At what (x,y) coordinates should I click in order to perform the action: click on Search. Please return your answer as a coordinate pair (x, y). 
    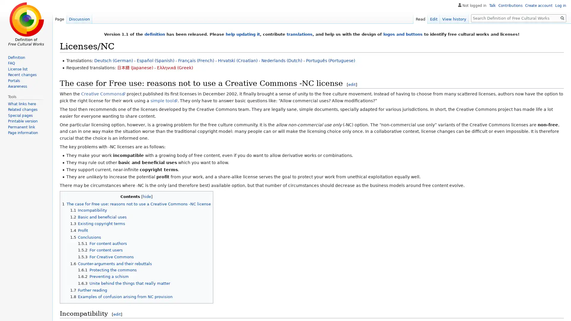
    Looking at the image, I should click on (562, 18).